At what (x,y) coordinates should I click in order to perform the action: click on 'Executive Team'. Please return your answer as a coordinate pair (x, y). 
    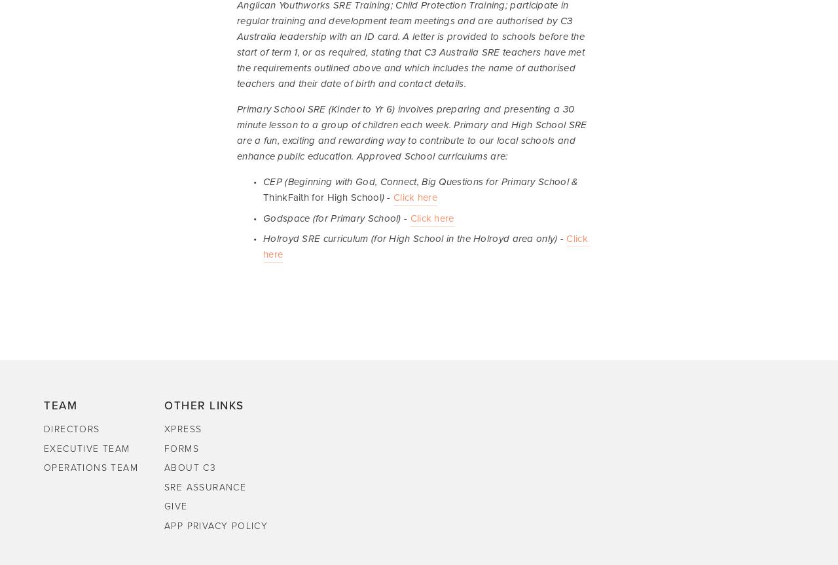
    Looking at the image, I should click on (43, 448).